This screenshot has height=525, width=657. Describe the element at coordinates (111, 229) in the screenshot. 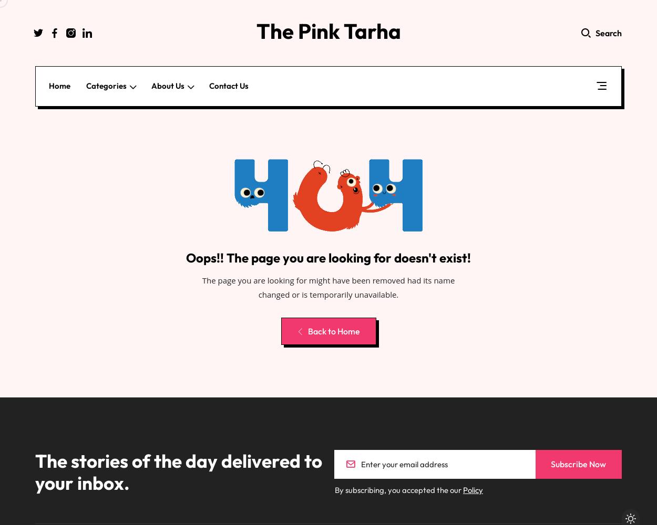

I see `'Events'` at that location.